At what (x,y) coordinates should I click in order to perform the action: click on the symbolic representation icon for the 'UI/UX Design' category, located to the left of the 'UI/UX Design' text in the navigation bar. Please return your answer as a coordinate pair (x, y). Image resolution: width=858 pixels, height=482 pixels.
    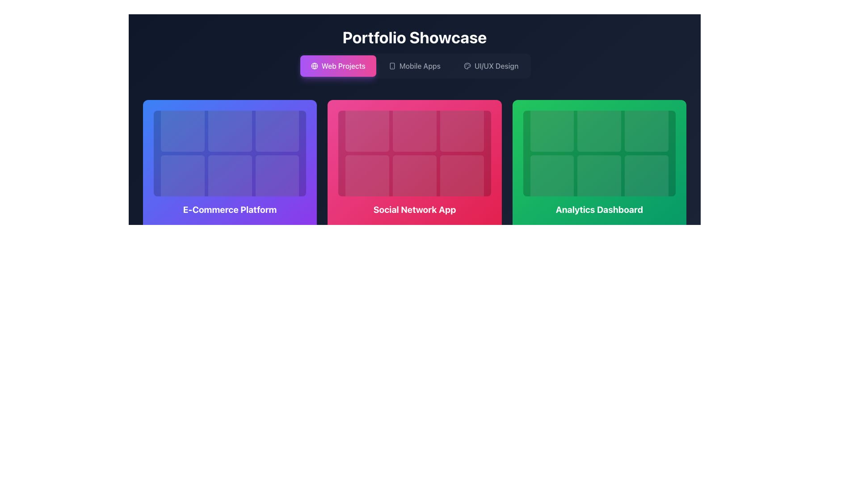
    Looking at the image, I should click on (467, 65).